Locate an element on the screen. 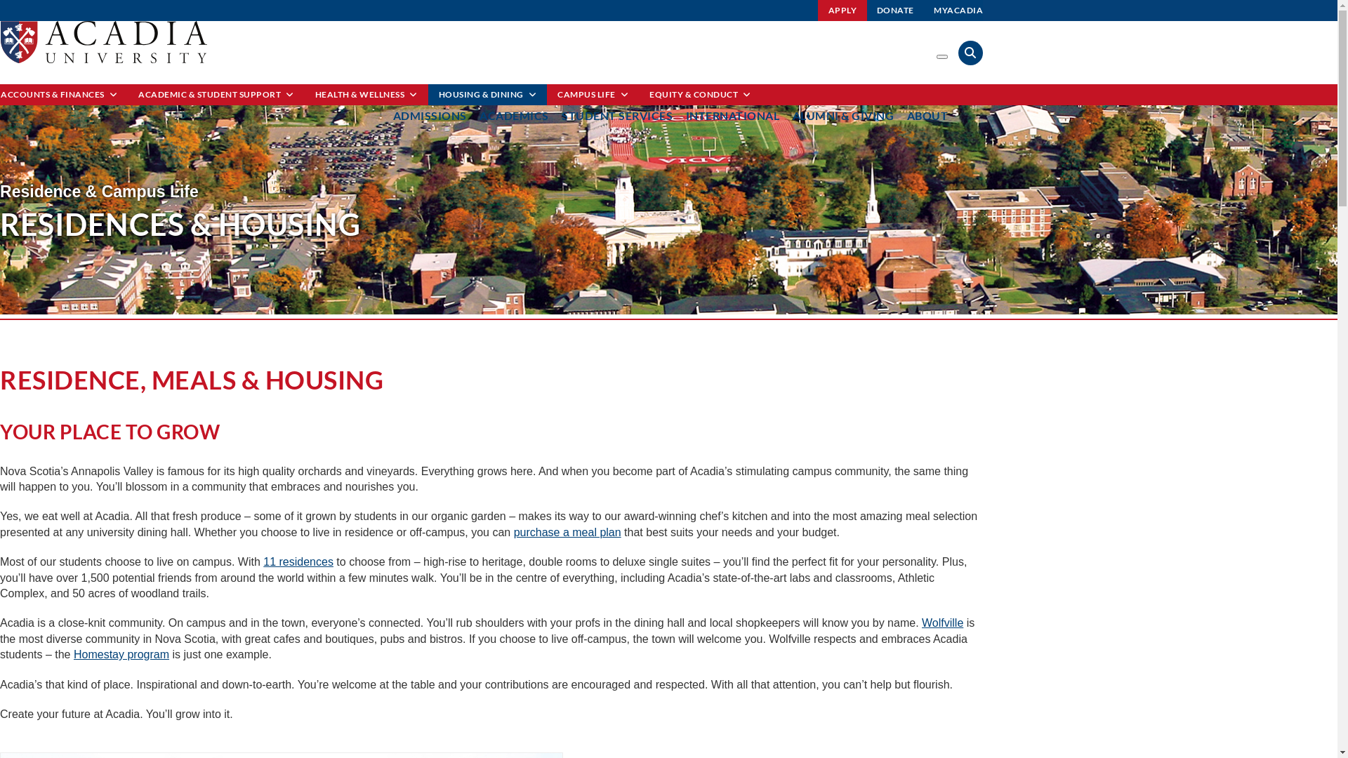 This screenshot has width=1348, height=758. 'EQUITY & CONDUCT' is located at coordinates (700, 95).